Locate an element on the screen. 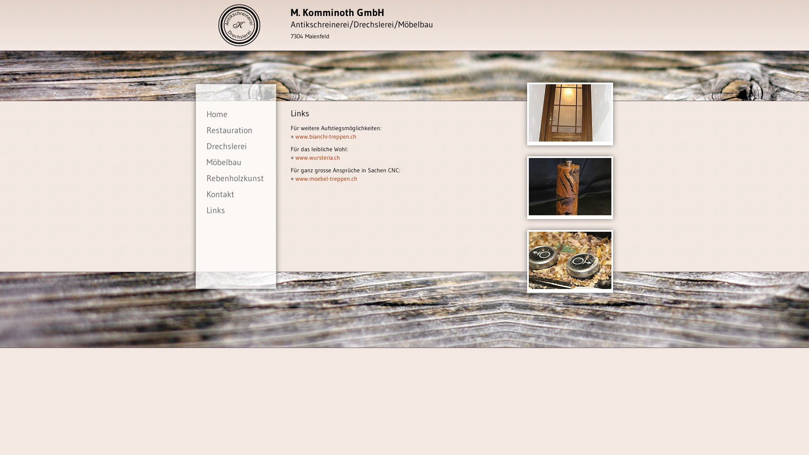  'Antikschreinerei Komminoth' is located at coordinates (238, 25).